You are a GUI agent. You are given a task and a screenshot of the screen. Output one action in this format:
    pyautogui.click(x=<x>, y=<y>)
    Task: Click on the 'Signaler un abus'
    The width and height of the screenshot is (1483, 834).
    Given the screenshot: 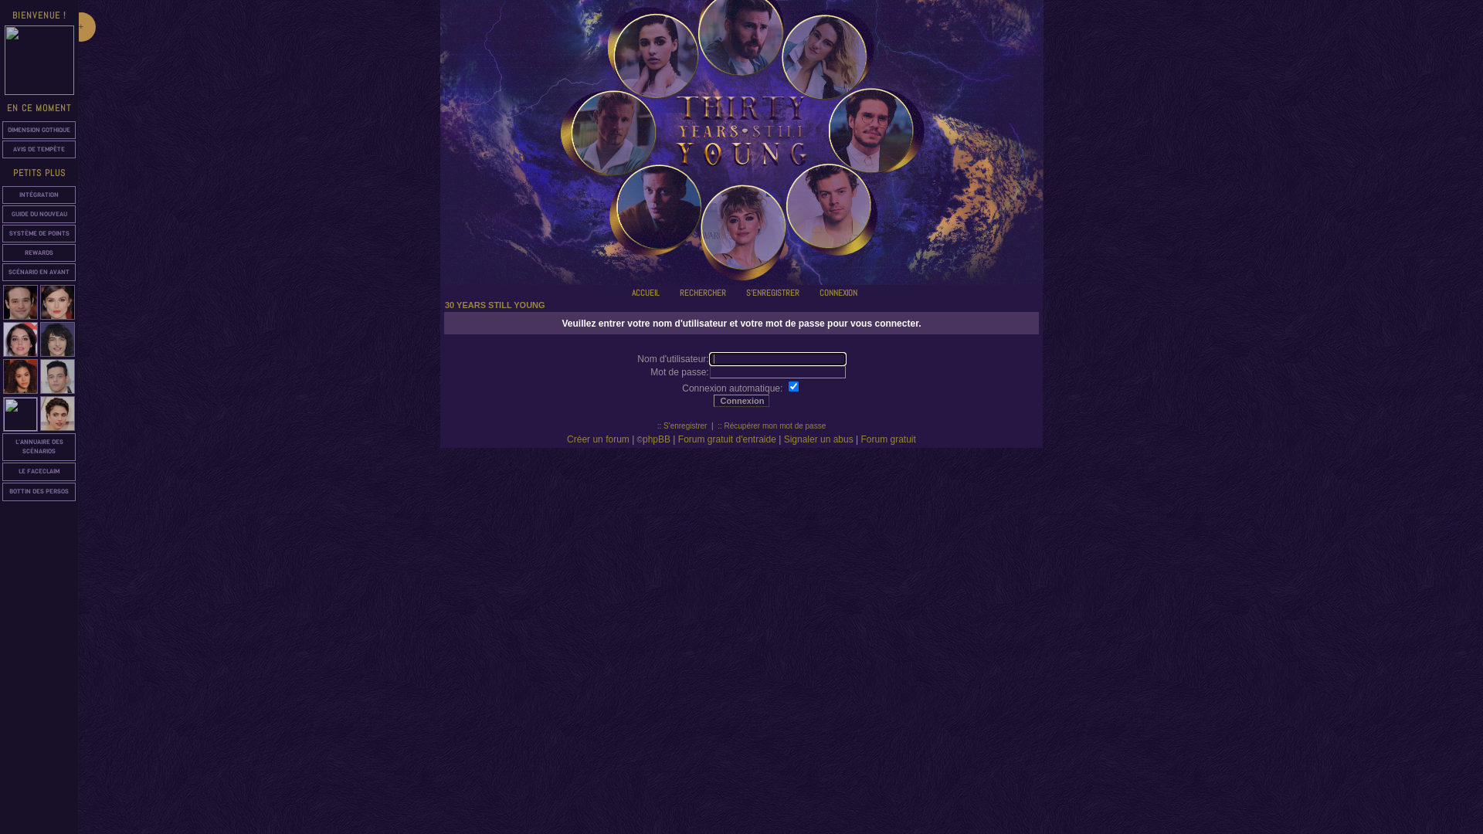 What is the action you would take?
    pyautogui.click(x=818, y=439)
    